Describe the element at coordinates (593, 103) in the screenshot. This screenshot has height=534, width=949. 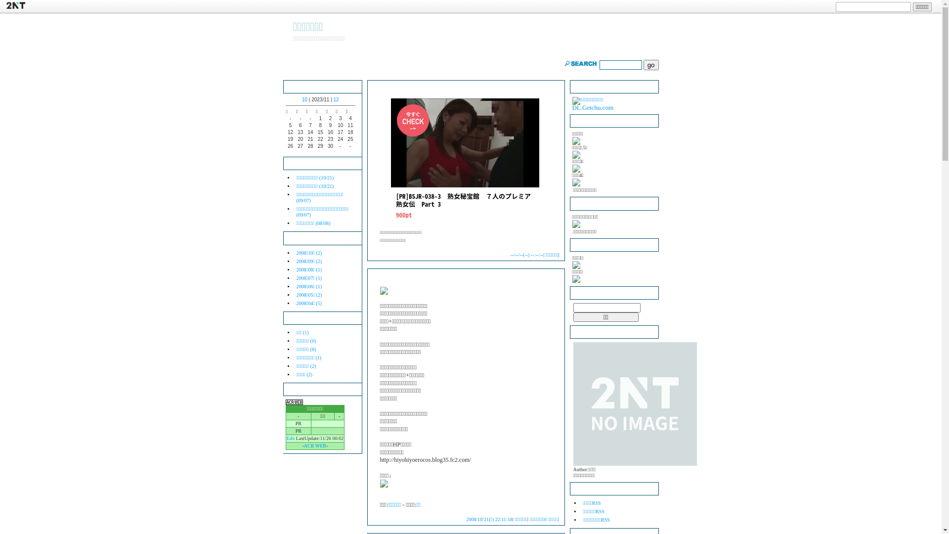
I see `'DL.Getchu.com'` at that location.